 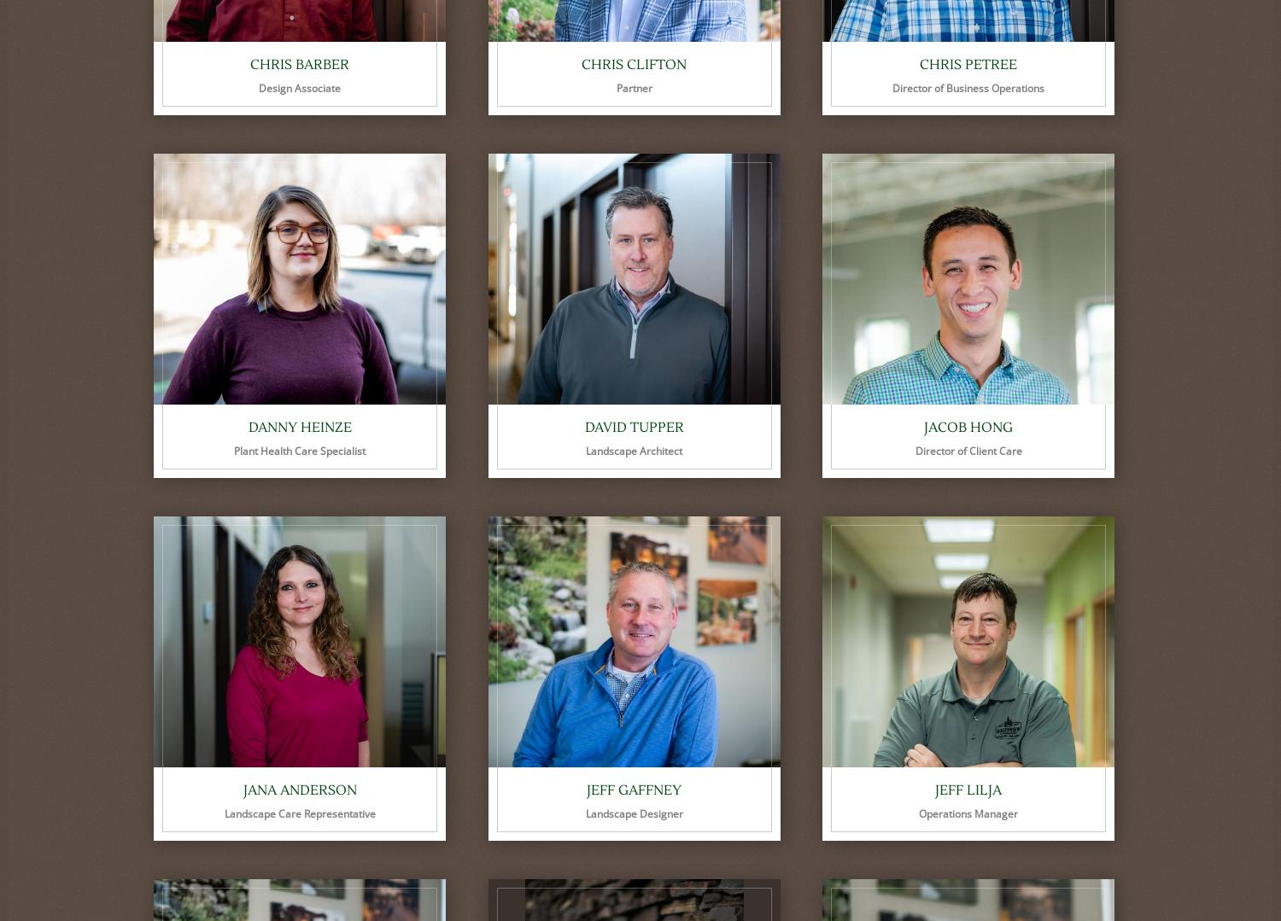 What do you see at coordinates (968, 813) in the screenshot?
I see `'Operations Manager'` at bounding box center [968, 813].